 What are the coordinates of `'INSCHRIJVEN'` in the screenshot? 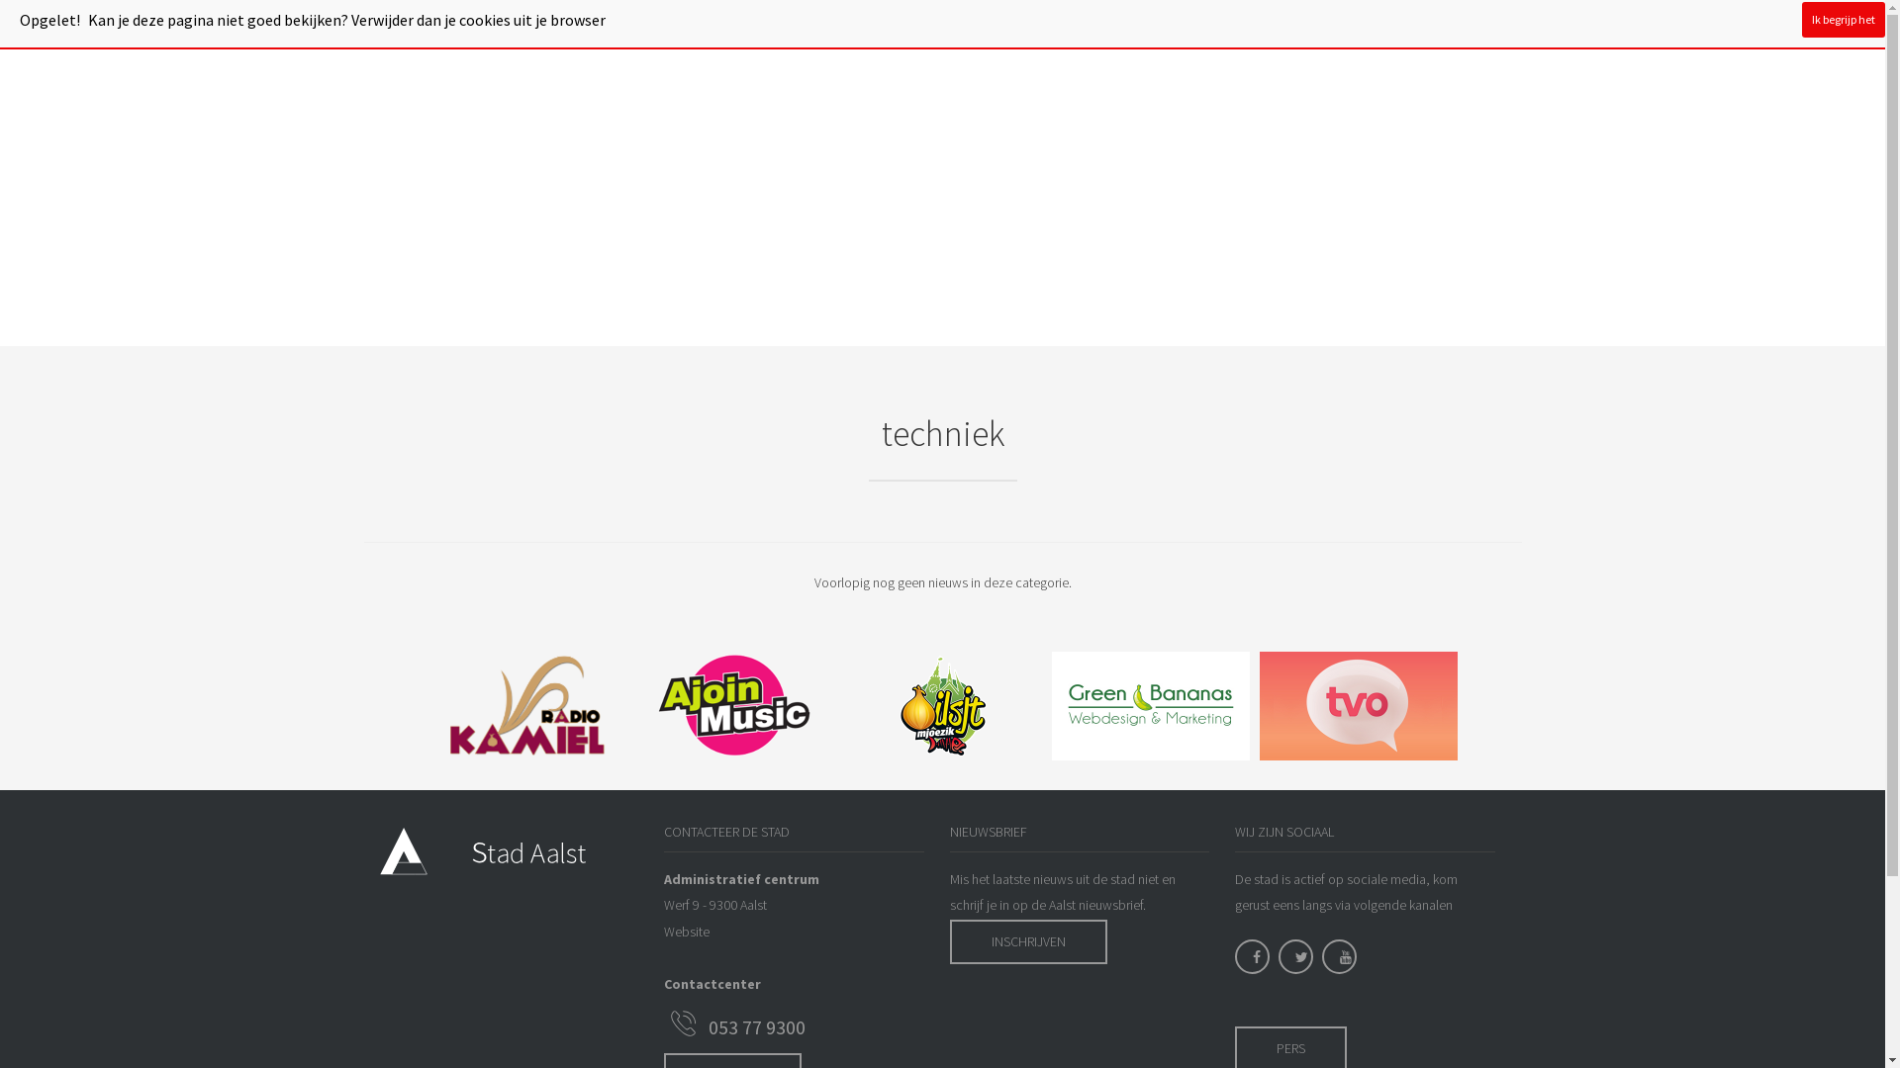 It's located at (1028, 940).